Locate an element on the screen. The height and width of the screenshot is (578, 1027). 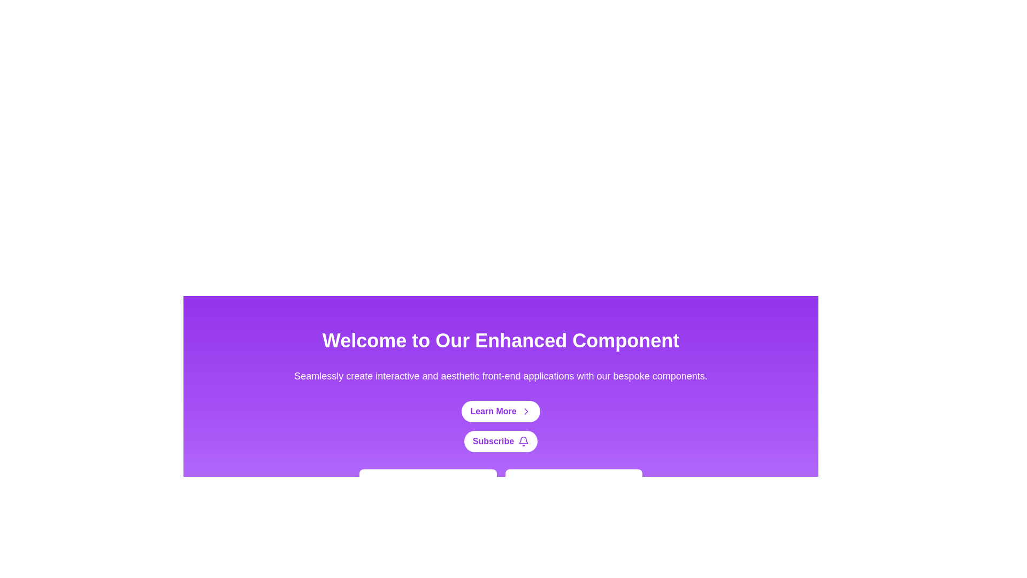
the text display element that reads 'Seamlessly create interactive and aesthetic front-end applications with our bespoke components.', which is styled with center alignment and a larger font size, located below the header 'Welcome to Our Enhanced Component' is located at coordinates (500, 375).